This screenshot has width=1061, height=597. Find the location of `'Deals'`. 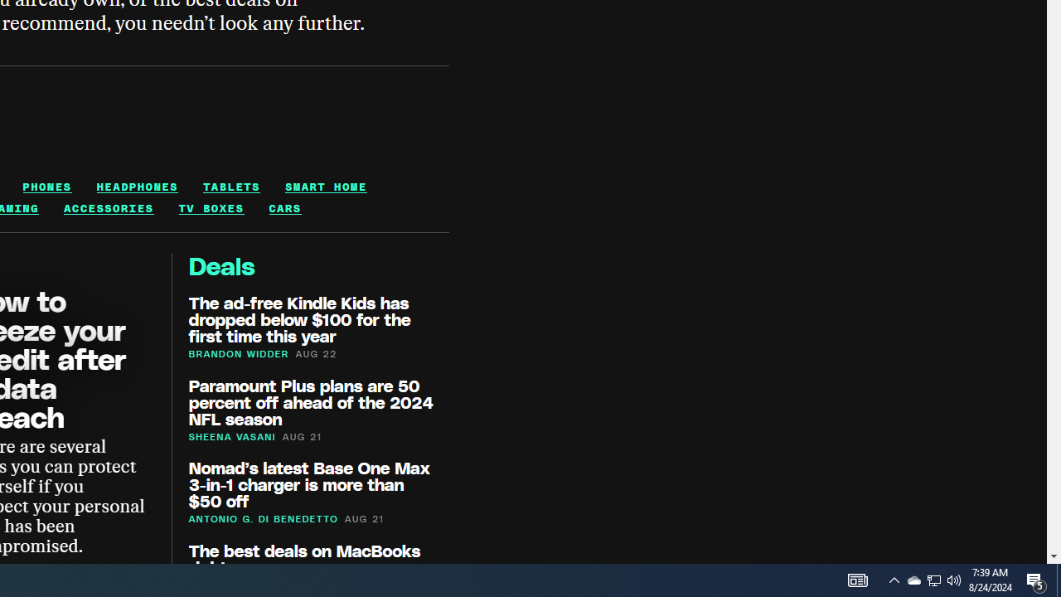

'Deals' is located at coordinates (220, 265).